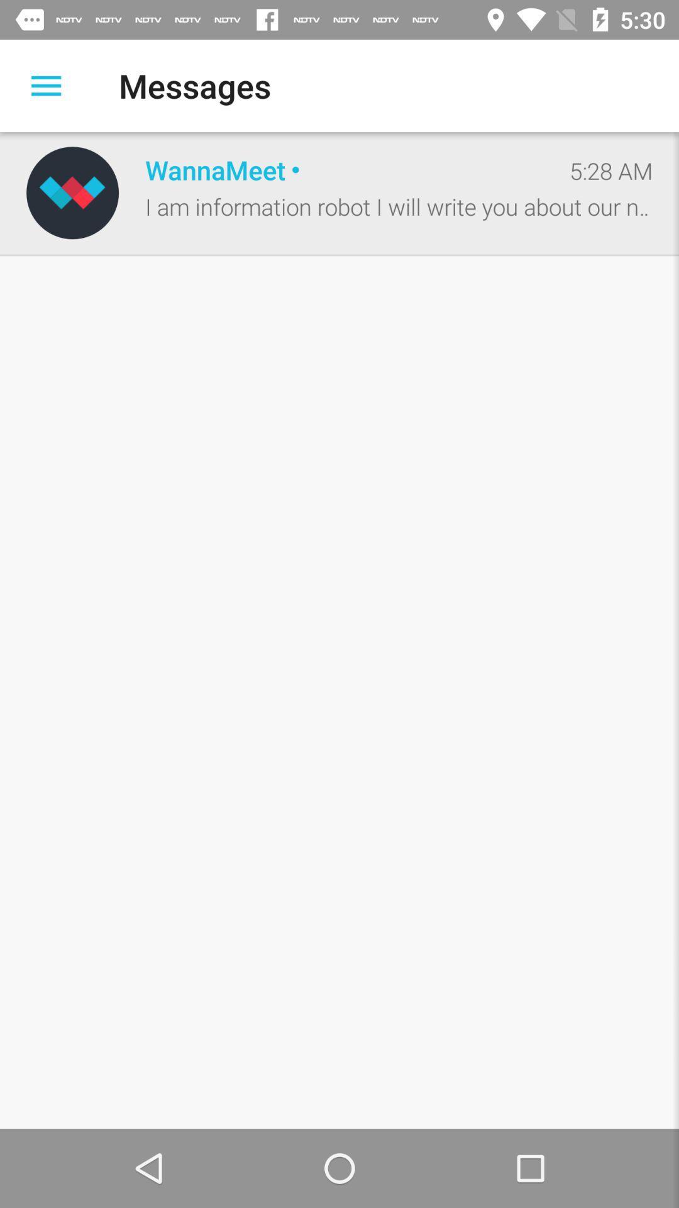 This screenshot has height=1208, width=679. I want to click on the icon to the right of wannameet, so click(610, 170).